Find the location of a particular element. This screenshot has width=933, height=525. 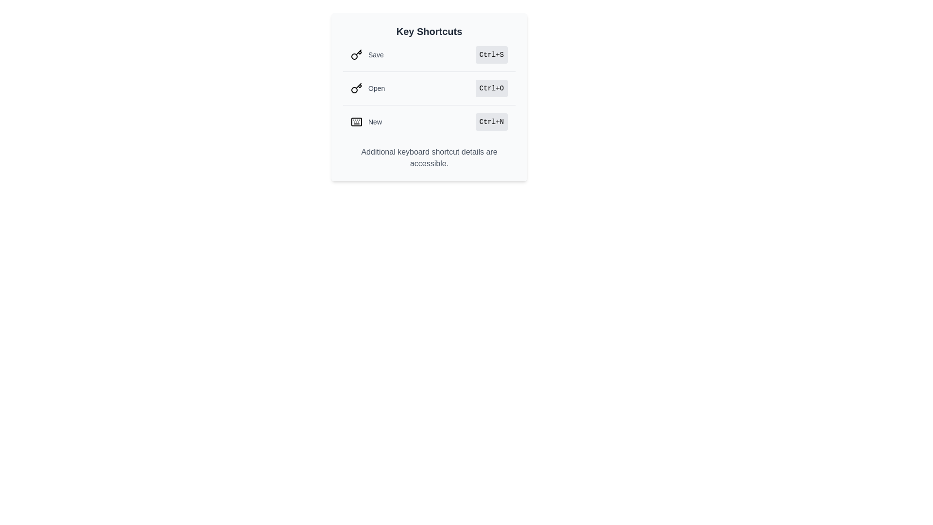

the text label displaying the keyboard shortcut 'Ctrl+S' associated with the 'Save' action, located in the vertical menu labeled 'Key Shortcuts' is located at coordinates (491, 54).